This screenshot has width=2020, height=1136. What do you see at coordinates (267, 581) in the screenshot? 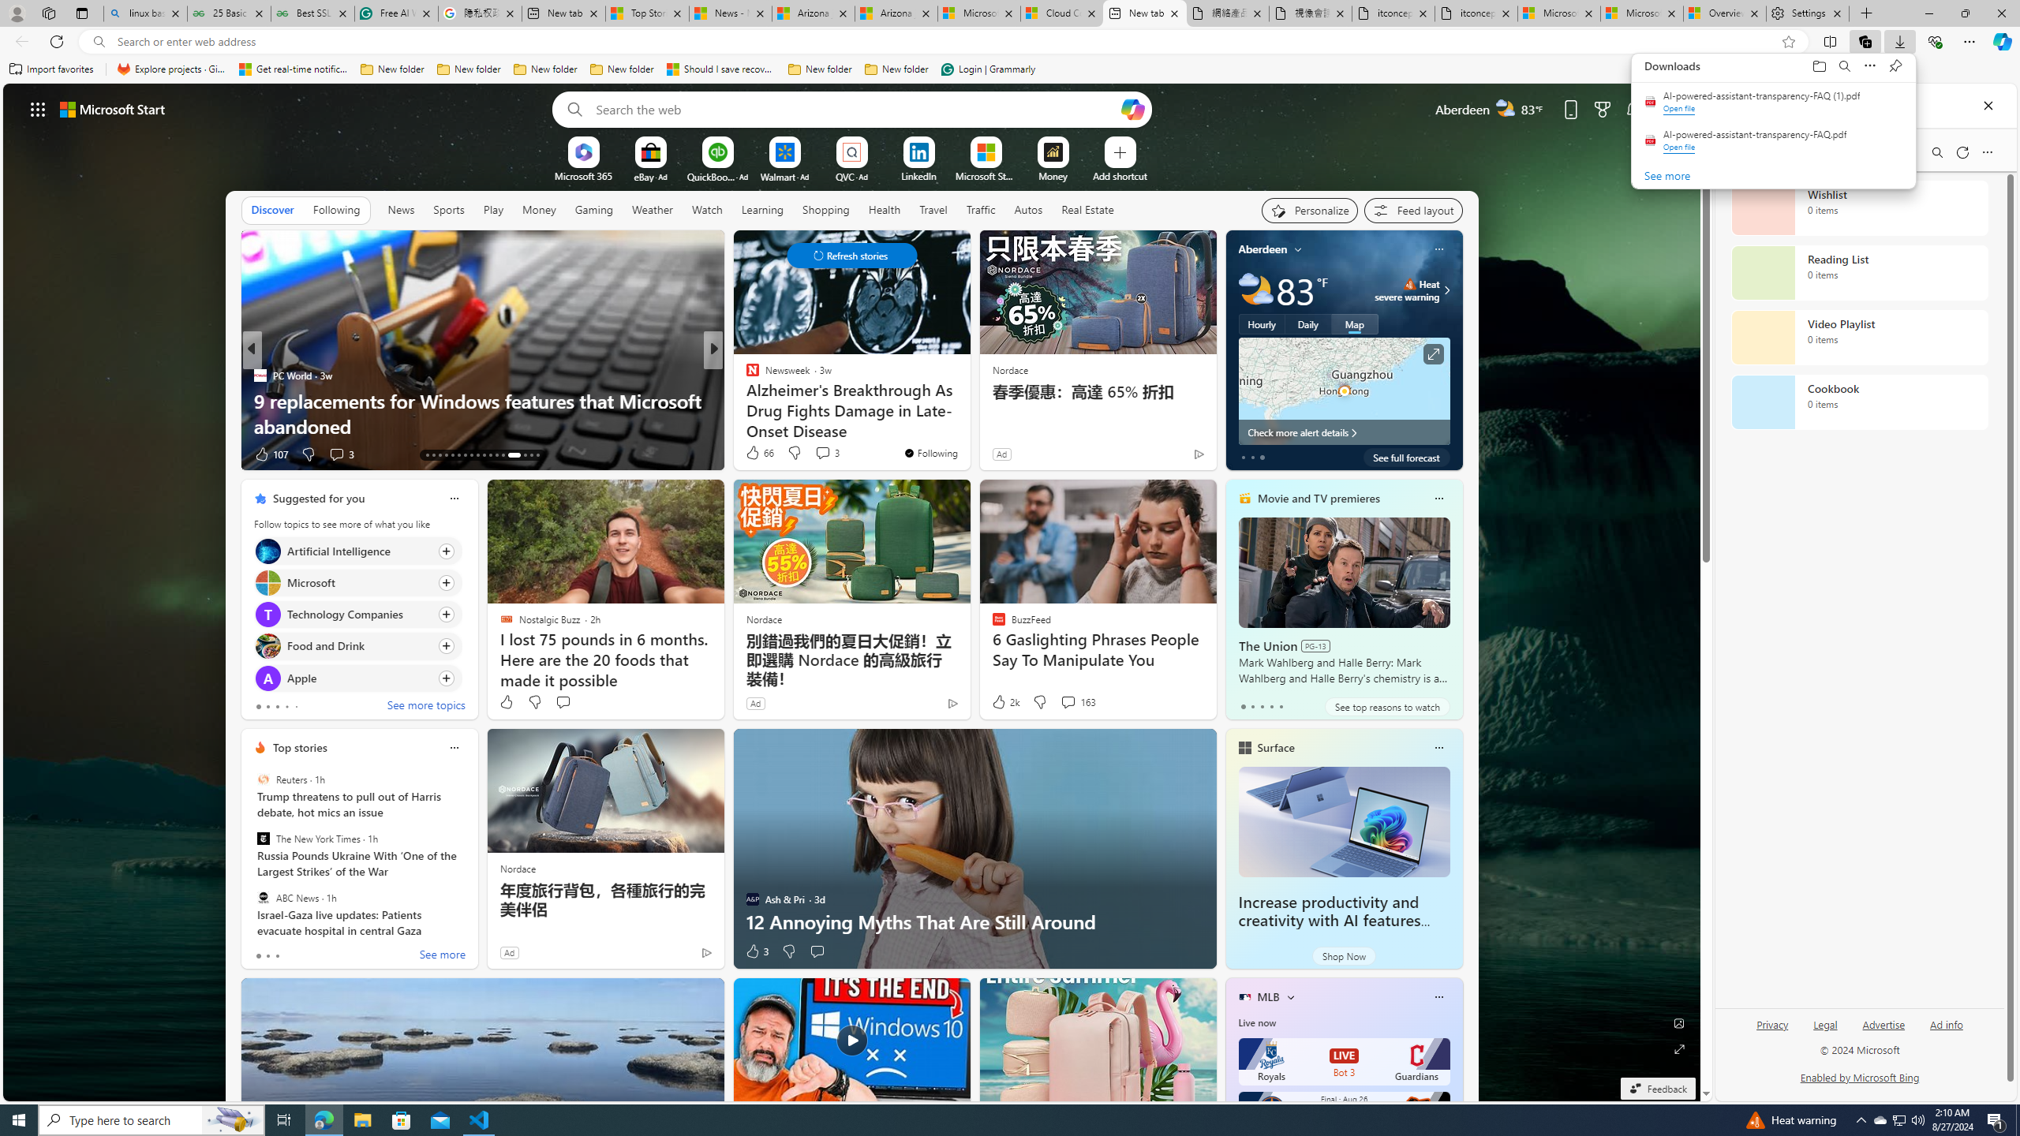
I see `'Microsoft'` at bounding box center [267, 581].